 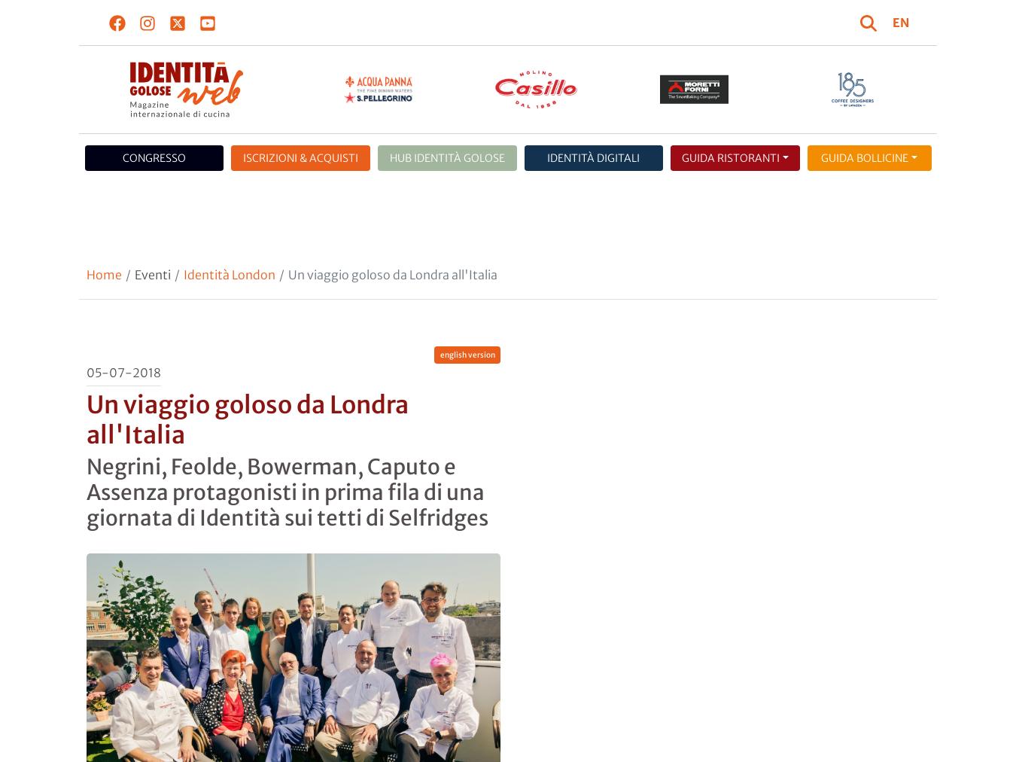 I want to click on 'Assenza', so click(x=102, y=276).